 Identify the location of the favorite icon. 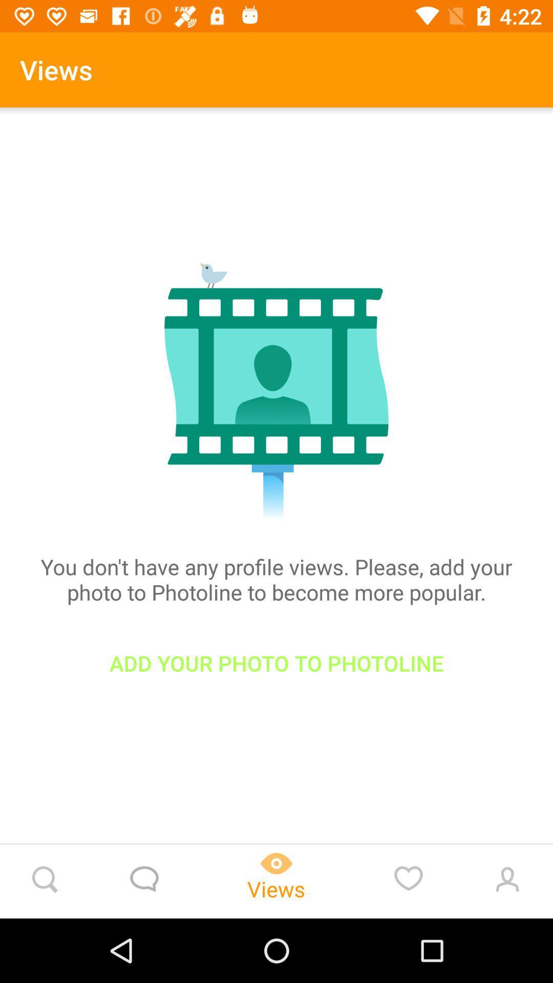
(408, 881).